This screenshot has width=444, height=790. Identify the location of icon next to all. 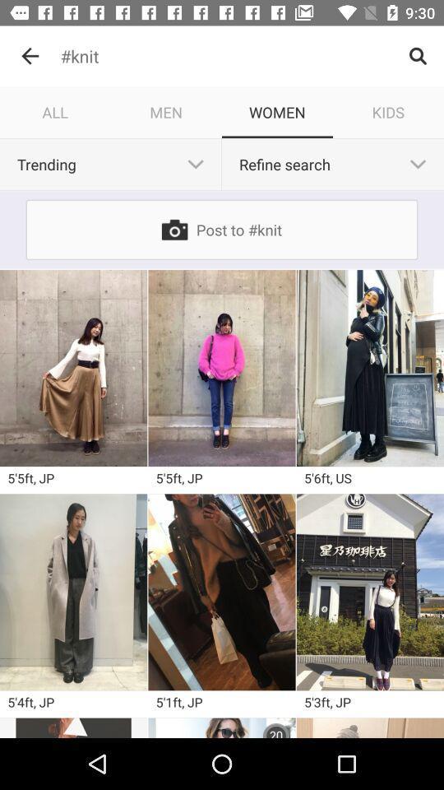
(166, 111).